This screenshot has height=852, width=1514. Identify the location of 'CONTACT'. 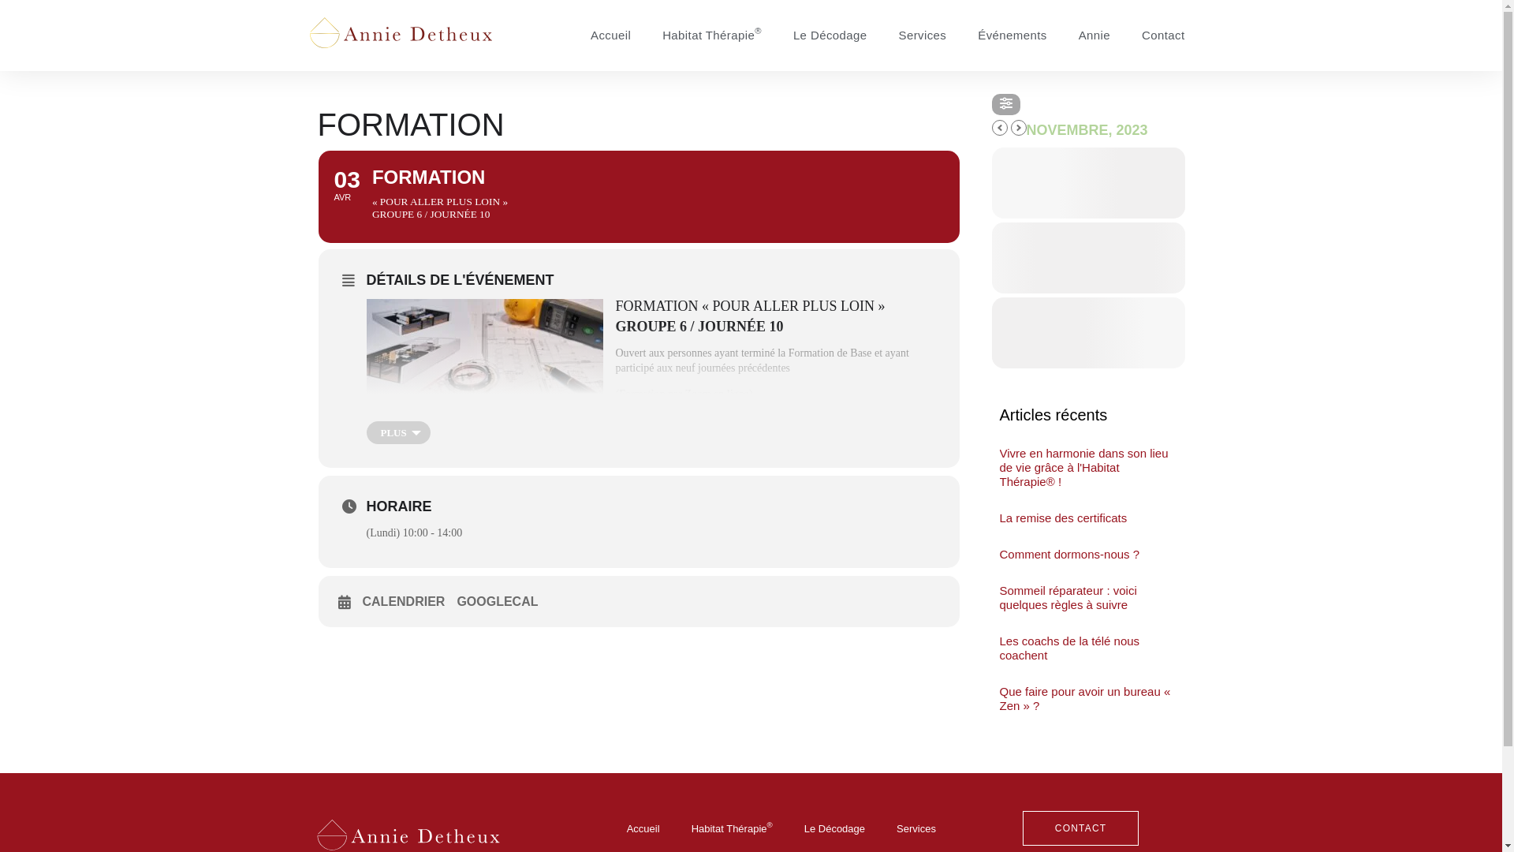
(1080, 827).